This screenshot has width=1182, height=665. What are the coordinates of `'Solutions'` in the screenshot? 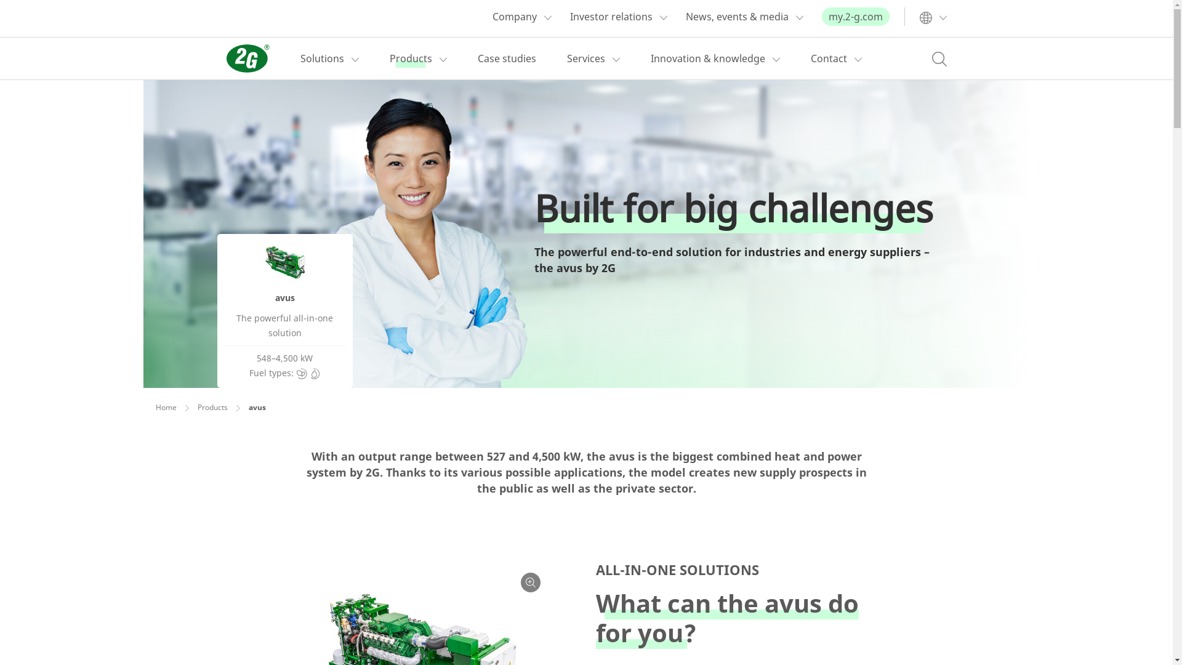 It's located at (300, 58).